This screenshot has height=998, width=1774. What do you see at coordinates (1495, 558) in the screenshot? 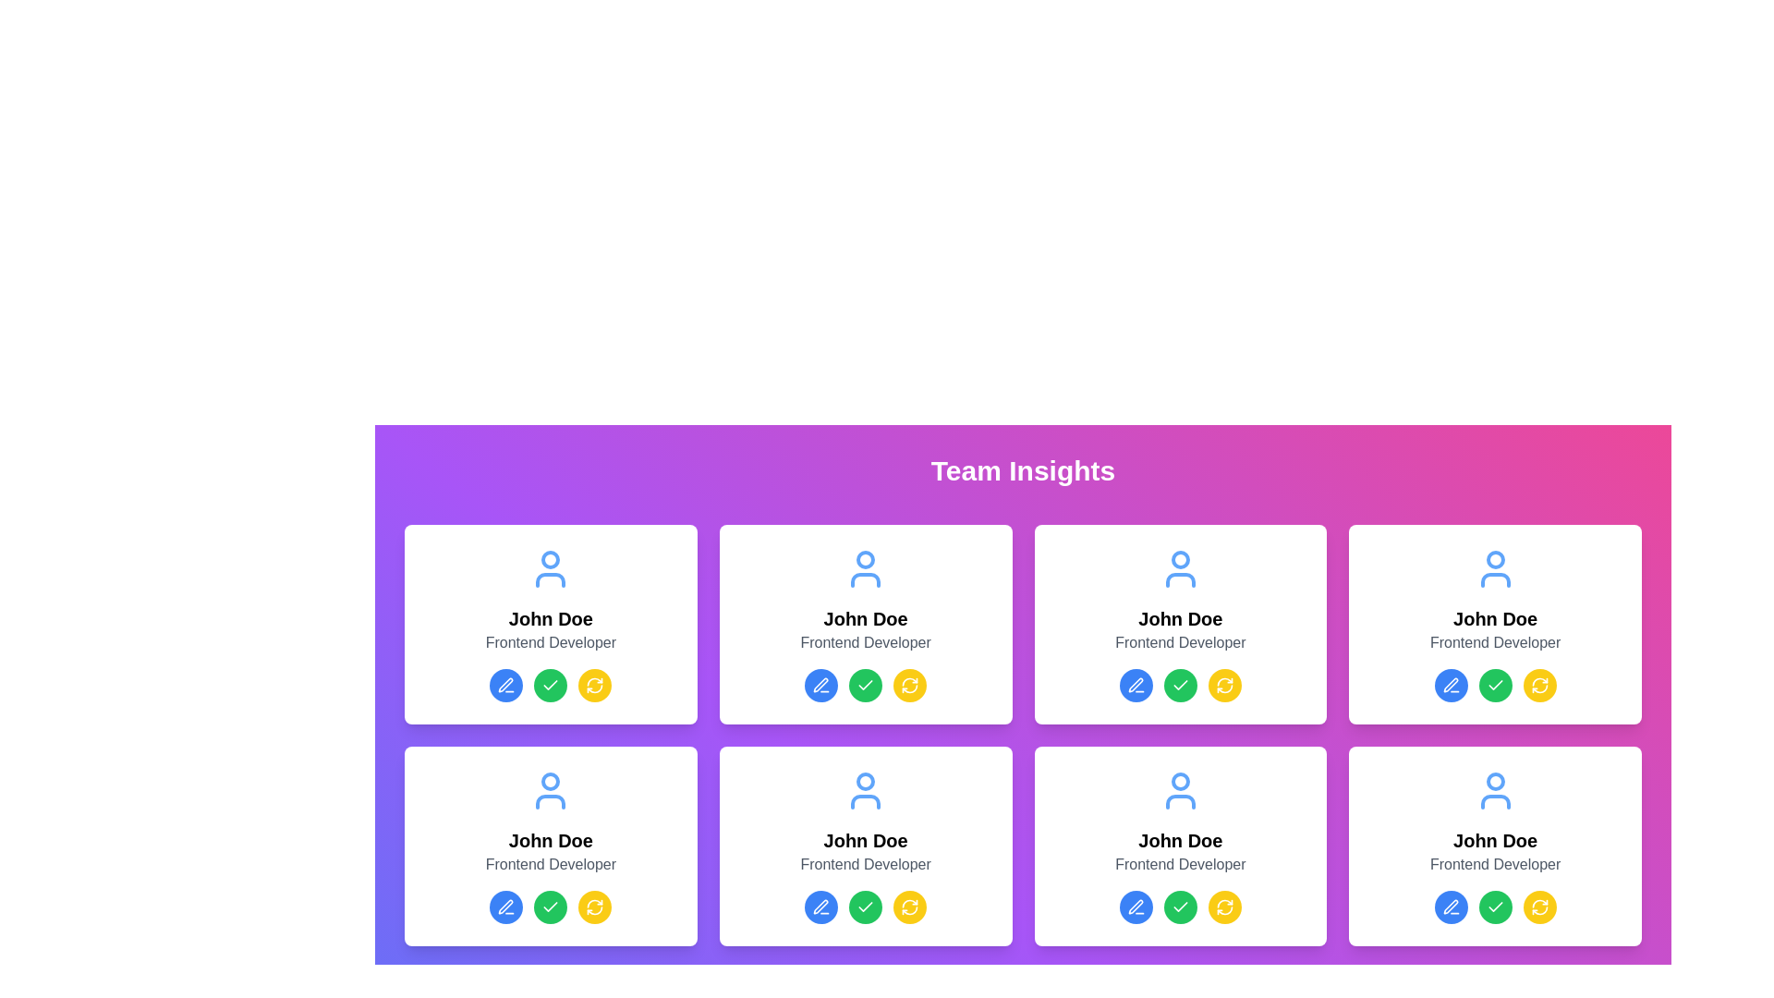
I see `the circular graphical icon representing the user profile of 'John Doe', a Frontend Developer, located at the center of the user profile icon in the top-right card of a 3x2 grid layout` at bounding box center [1495, 558].